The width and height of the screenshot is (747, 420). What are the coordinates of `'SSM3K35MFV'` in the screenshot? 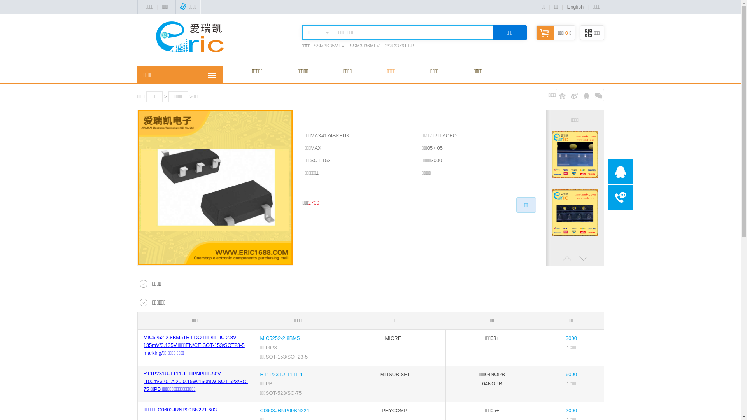 It's located at (314, 46).